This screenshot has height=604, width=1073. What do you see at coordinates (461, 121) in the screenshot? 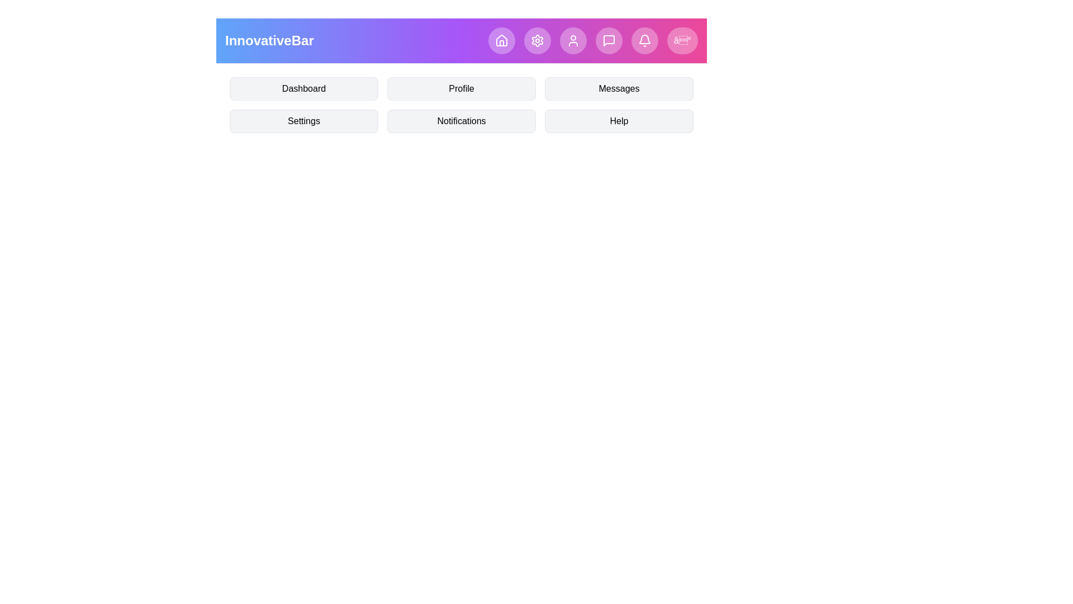
I see `the menu item Notifications by clicking on it` at bounding box center [461, 121].